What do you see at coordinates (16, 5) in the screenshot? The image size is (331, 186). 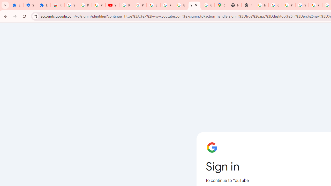 I see `'Extensions'` at bounding box center [16, 5].